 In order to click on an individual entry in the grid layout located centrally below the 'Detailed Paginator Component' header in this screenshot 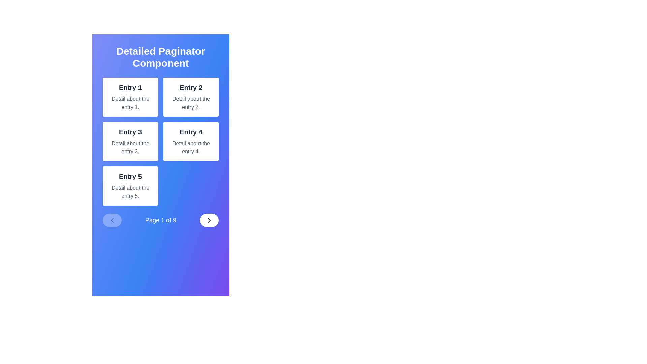, I will do `click(160, 141)`.